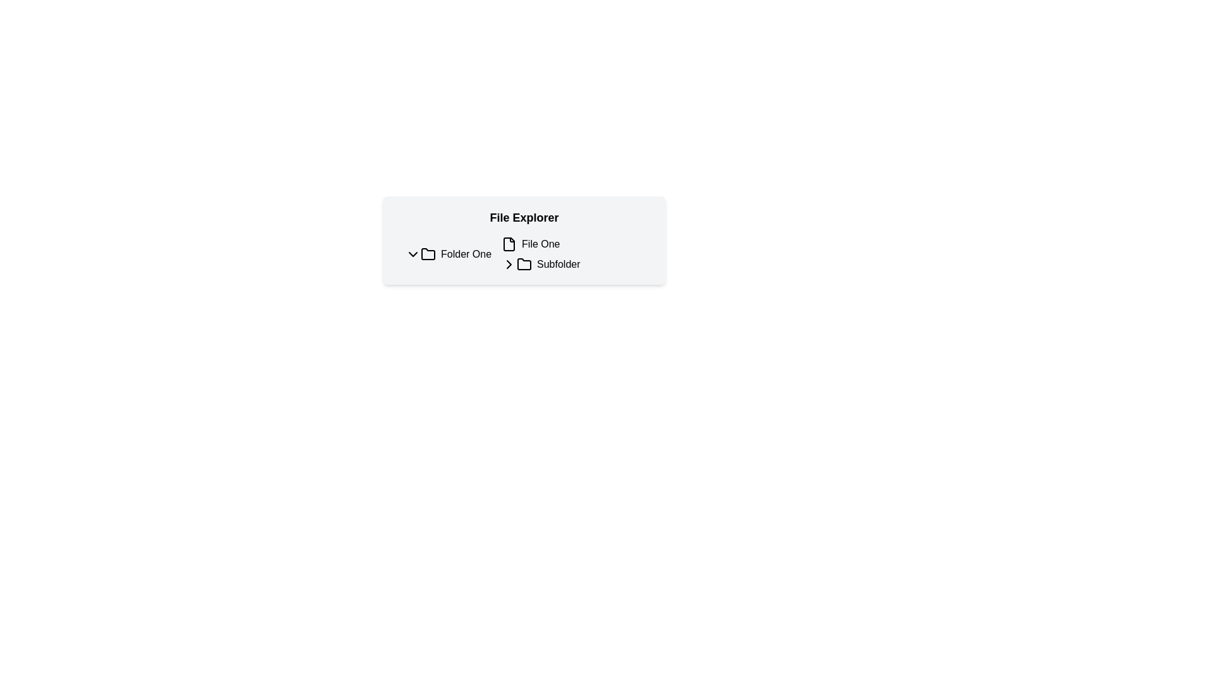  Describe the element at coordinates (413, 254) in the screenshot. I see `the button next to the 'Folder One' label` at that location.